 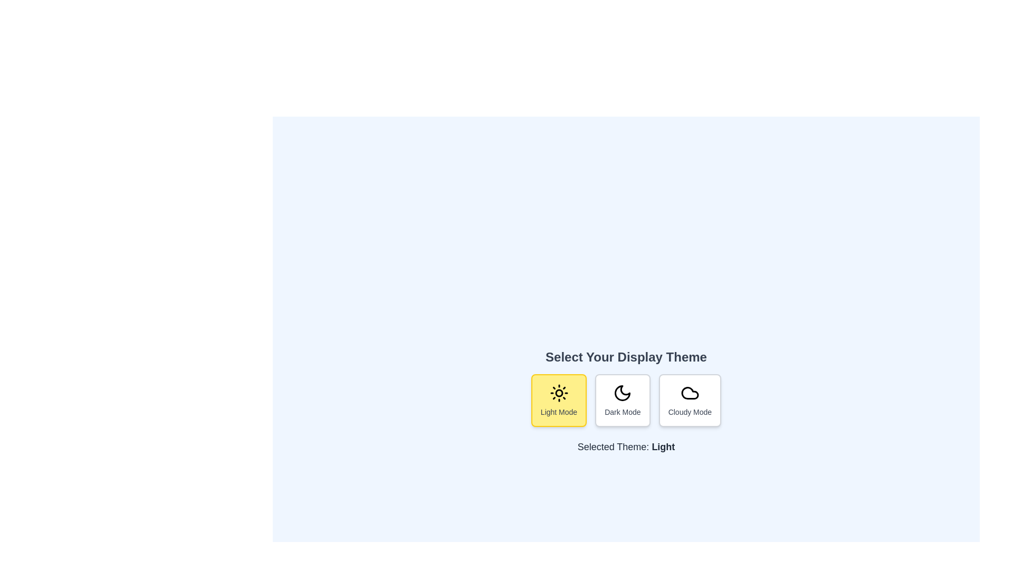 What do you see at coordinates (623, 401) in the screenshot?
I see `the button corresponding to Dark Mode mode` at bounding box center [623, 401].